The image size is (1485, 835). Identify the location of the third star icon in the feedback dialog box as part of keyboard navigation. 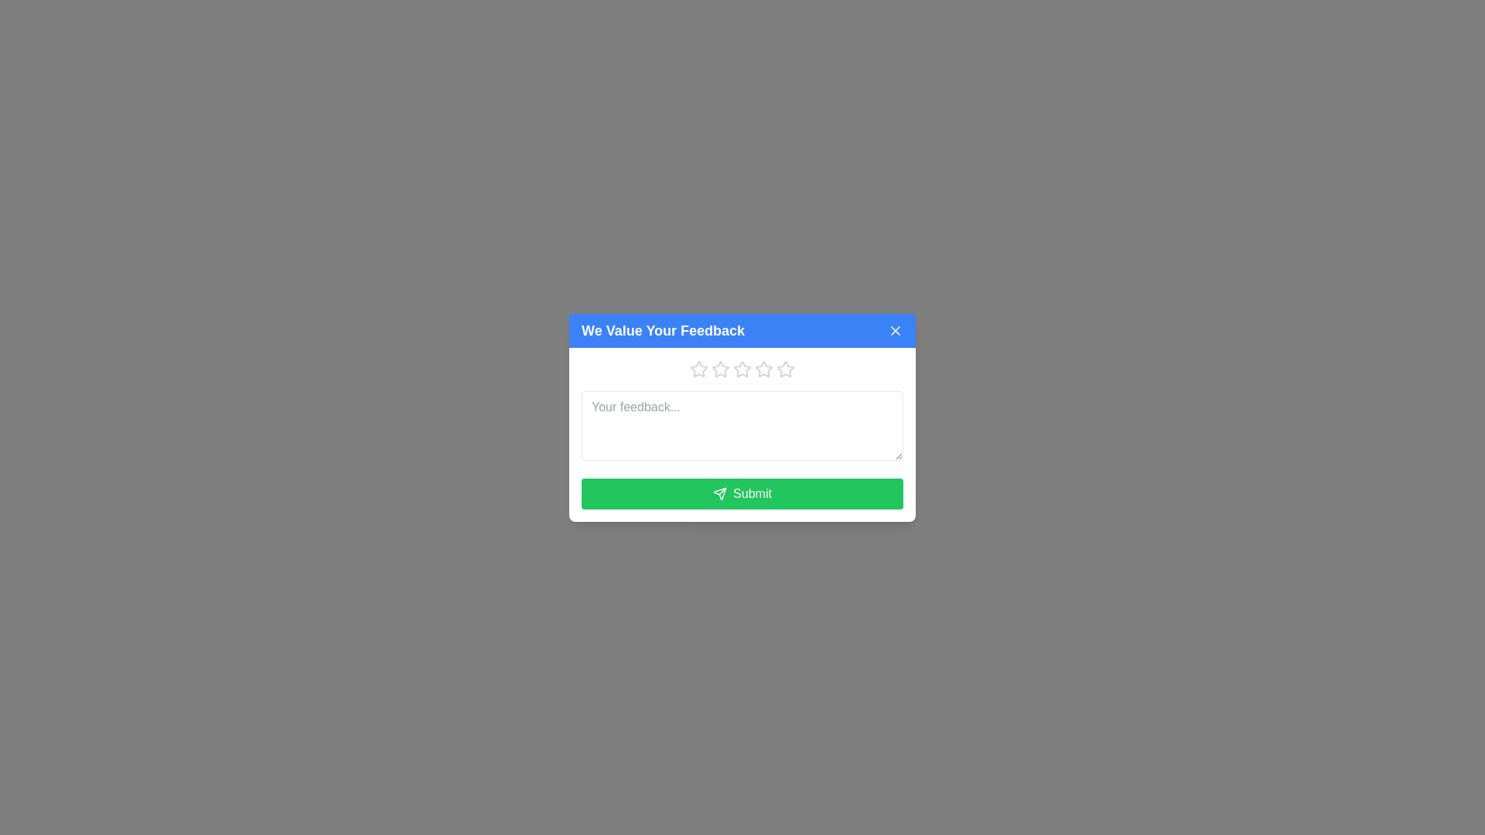
(742, 369).